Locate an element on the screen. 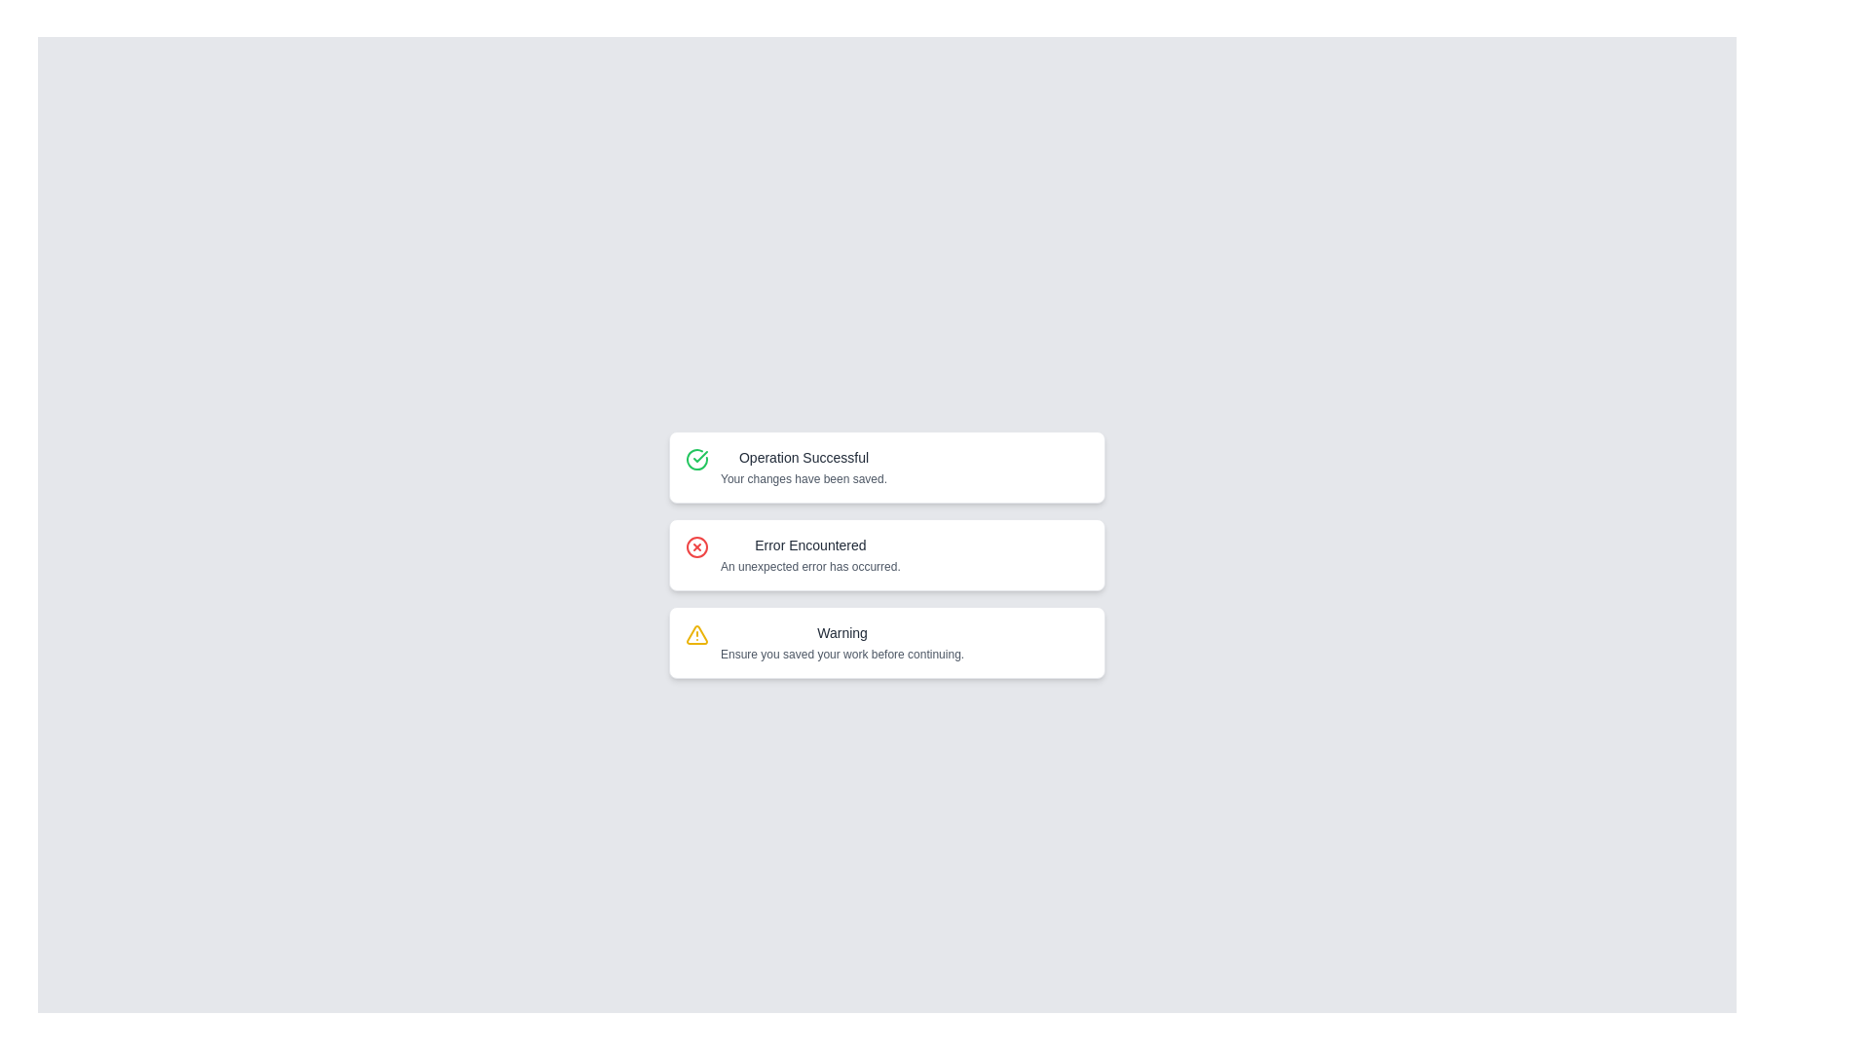  message displayed in the text element that shows 'An unexpected error has occurred.' located within the second notification block labeled 'Error Encountered.' is located at coordinates (810, 567).